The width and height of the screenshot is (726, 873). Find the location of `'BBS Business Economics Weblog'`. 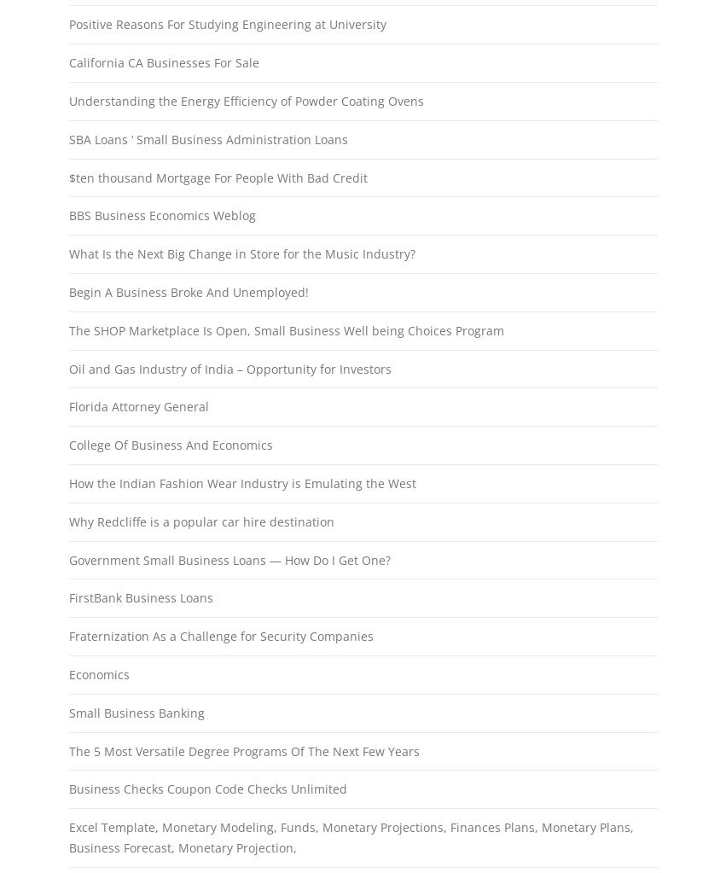

'BBS Business Economics Weblog' is located at coordinates (67, 215).